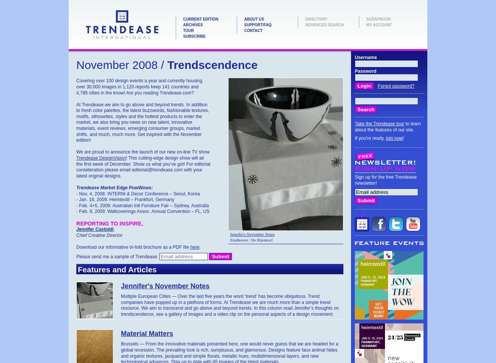  I want to click on '!', so click(402, 138).